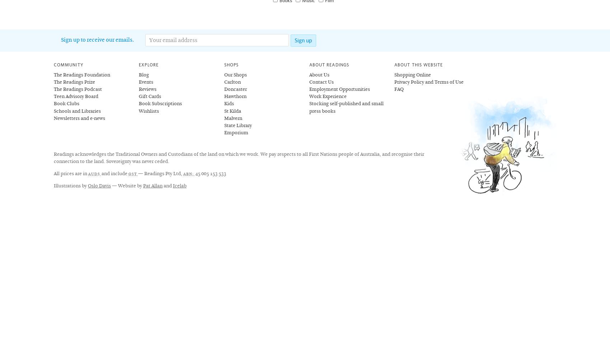  I want to click on 'ABN:', so click(189, 173).